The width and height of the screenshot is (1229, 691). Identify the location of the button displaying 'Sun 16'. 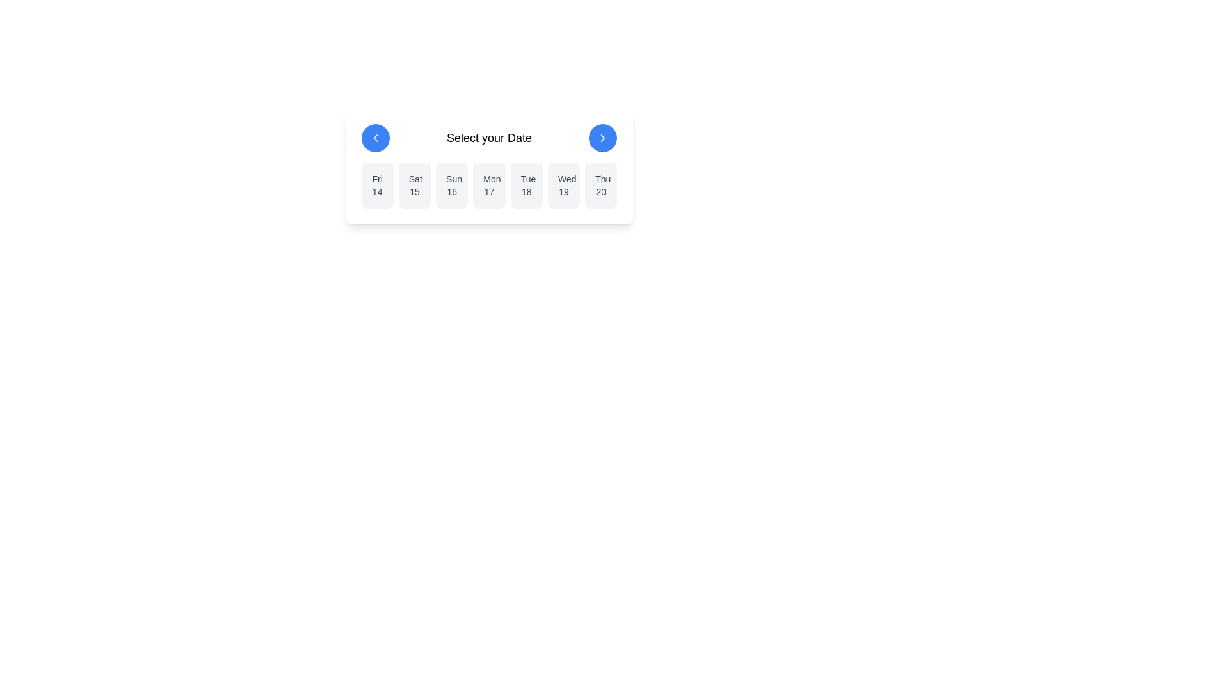
(452, 185).